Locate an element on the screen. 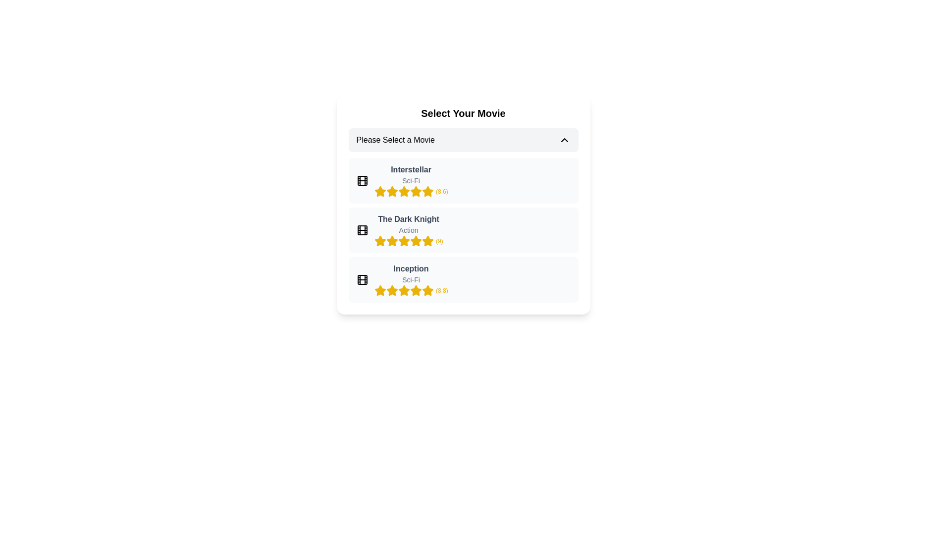 The height and width of the screenshot is (535, 951). the Movie information display element for 'The Dark Knight', which is the second item in the movie list is located at coordinates (409, 230).